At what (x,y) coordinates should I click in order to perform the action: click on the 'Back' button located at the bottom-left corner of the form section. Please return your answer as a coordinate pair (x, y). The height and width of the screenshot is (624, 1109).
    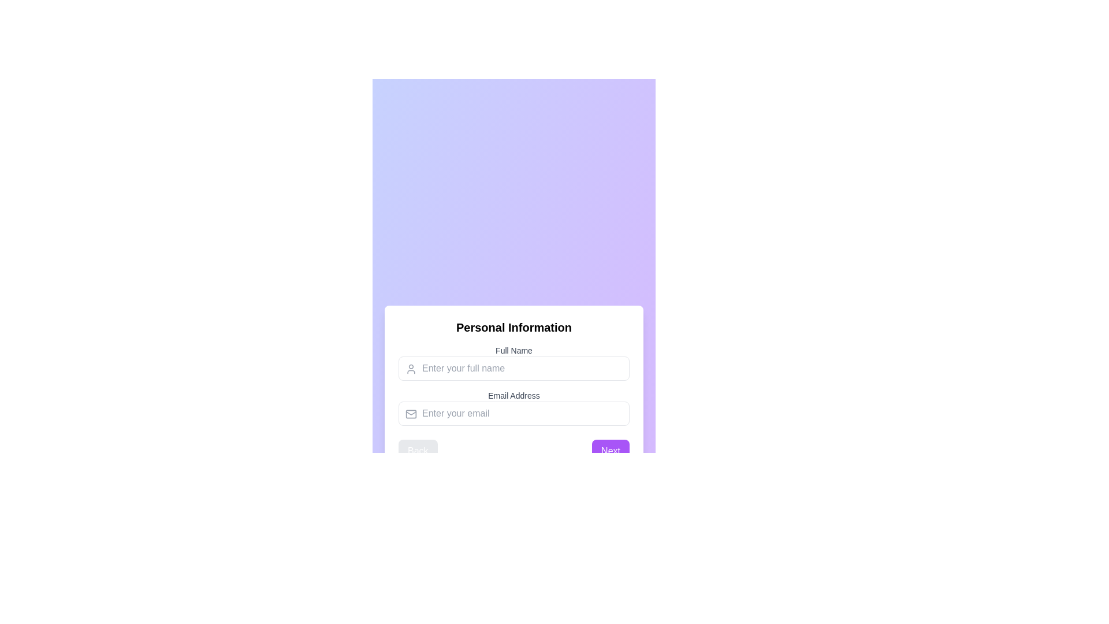
    Looking at the image, I should click on (417, 450).